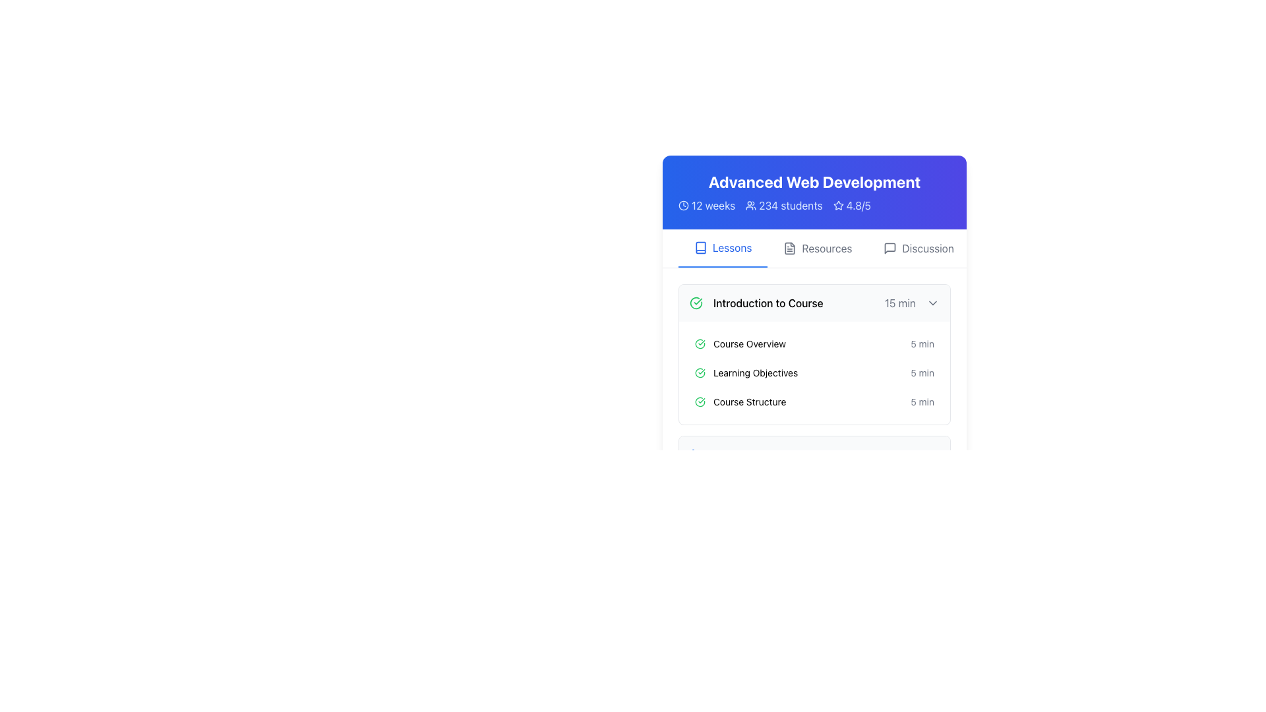 This screenshot has height=712, width=1266. What do you see at coordinates (922, 343) in the screenshot?
I see `the small text label displaying '5 min' in light gray color, which is located next to the 'Course Overview' item in the 'Introduction to Course' subsection` at bounding box center [922, 343].